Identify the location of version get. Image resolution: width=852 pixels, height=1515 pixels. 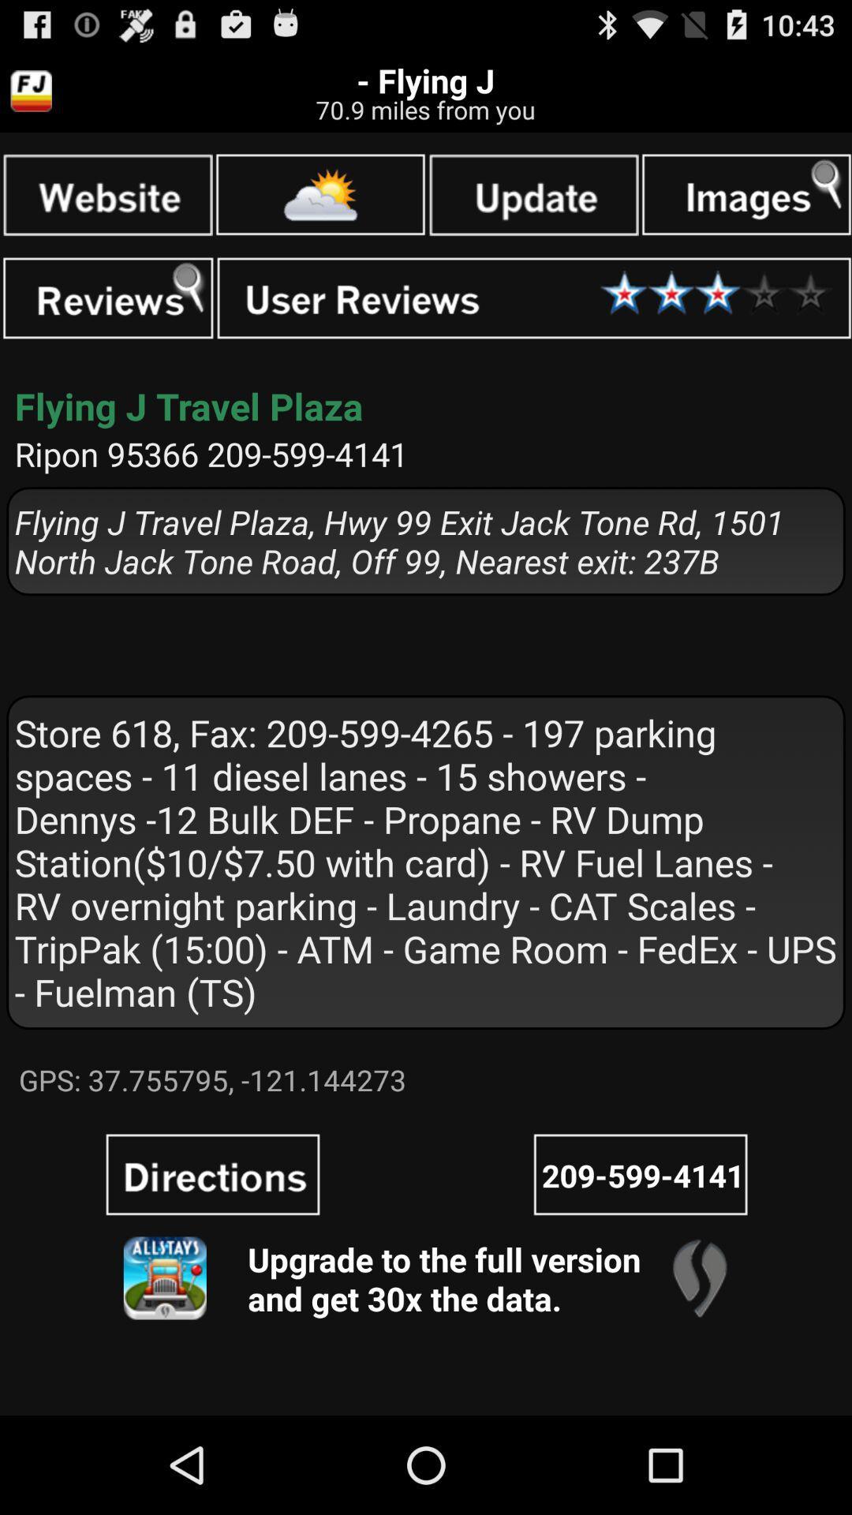
(165, 1278).